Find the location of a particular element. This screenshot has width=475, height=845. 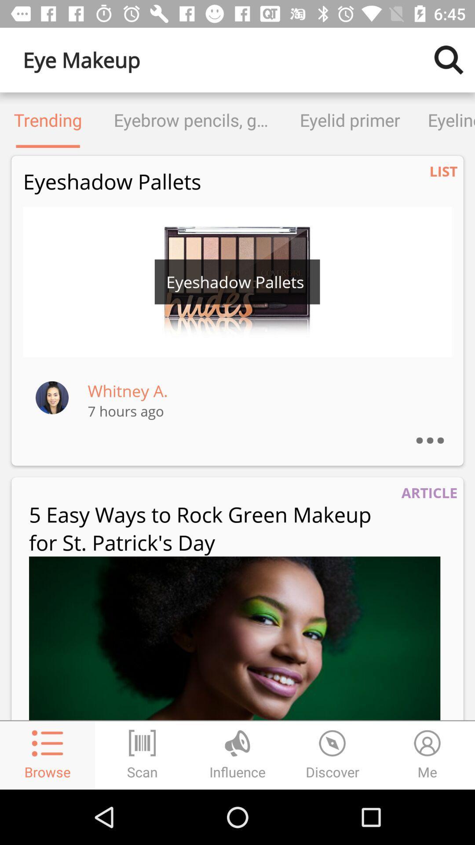

item next to eyeliner is located at coordinates (349, 120).